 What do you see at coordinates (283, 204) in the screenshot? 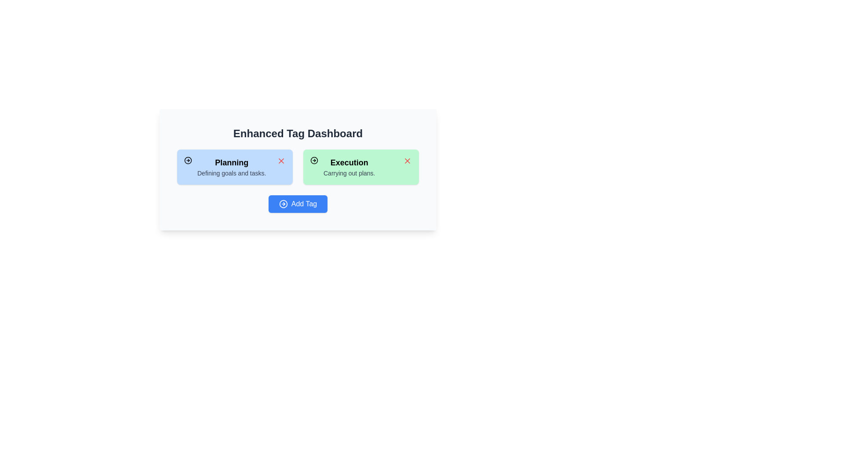
I see `the blue and white circular icon with a rightward arrow inside it, located within the 'Add Tag' button beneath the 'Enhanced Tag Dashboard' header` at bounding box center [283, 204].